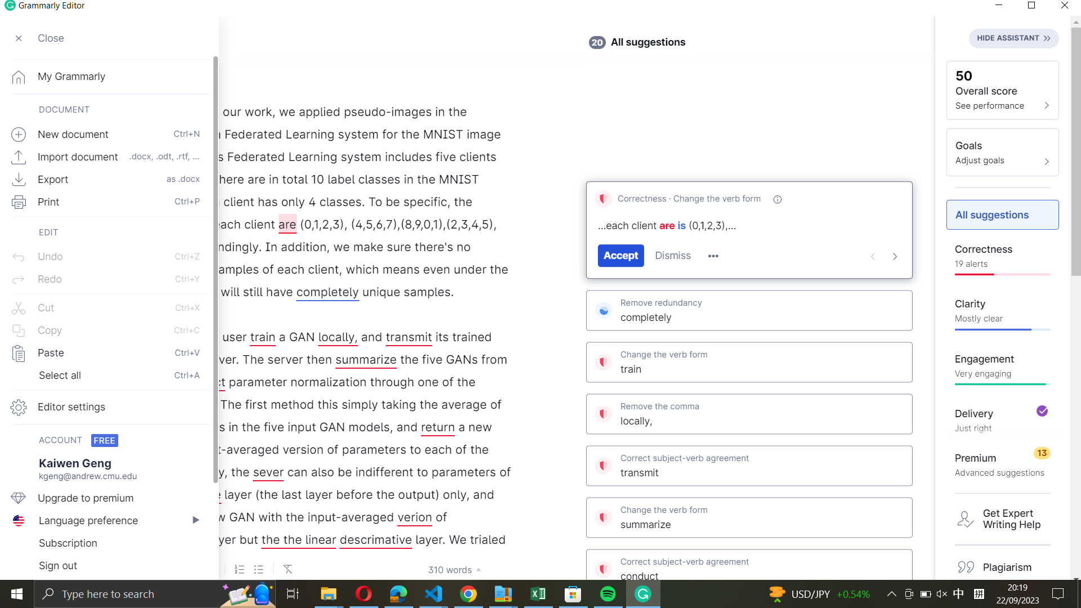 This screenshot has width=1081, height=608. I want to click on Mark all the content, so click(108, 376).